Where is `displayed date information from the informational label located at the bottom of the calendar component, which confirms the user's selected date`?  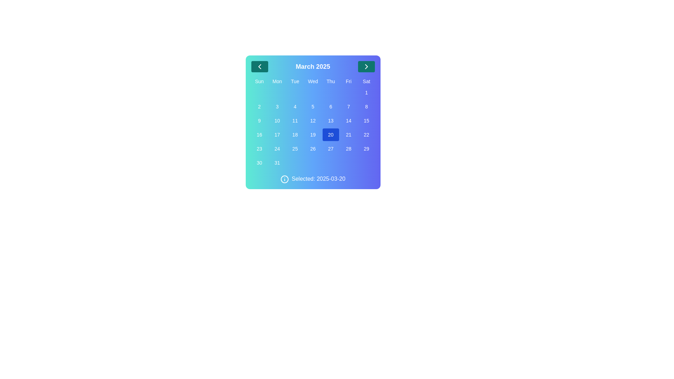 displayed date information from the informational label located at the bottom of the calendar component, which confirms the user's selected date is located at coordinates (312, 179).